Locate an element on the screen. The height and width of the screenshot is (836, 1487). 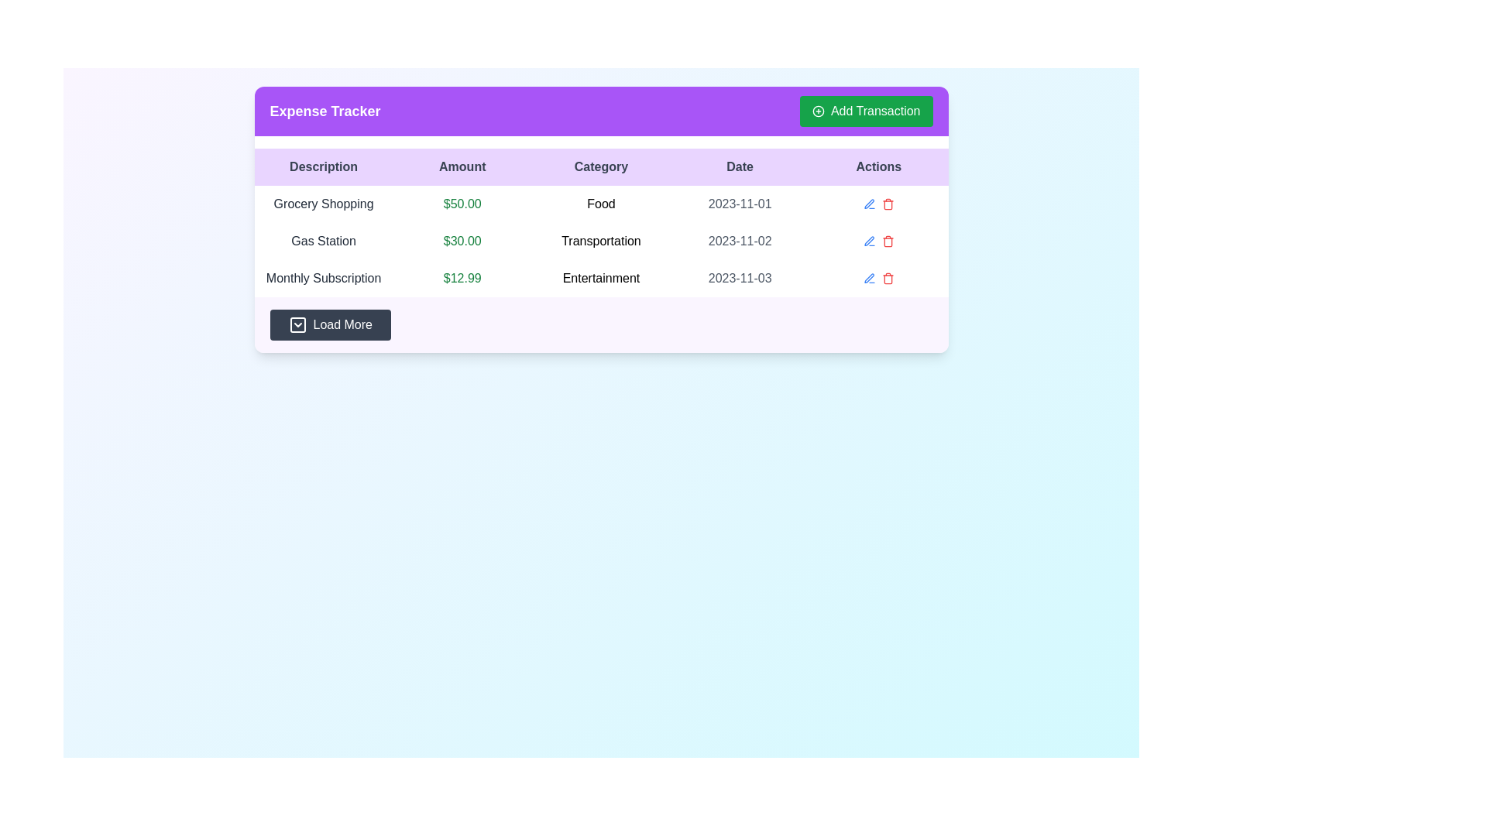
the small pen icon located in the 'Actions' column of the 'Transportation' category in the 'Expense Tracker' application is located at coordinates (869, 242).